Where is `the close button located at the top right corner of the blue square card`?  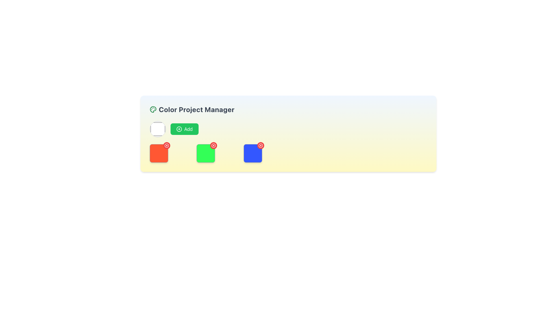 the close button located at the top right corner of the blue square card is located at coordinates (260, 145).